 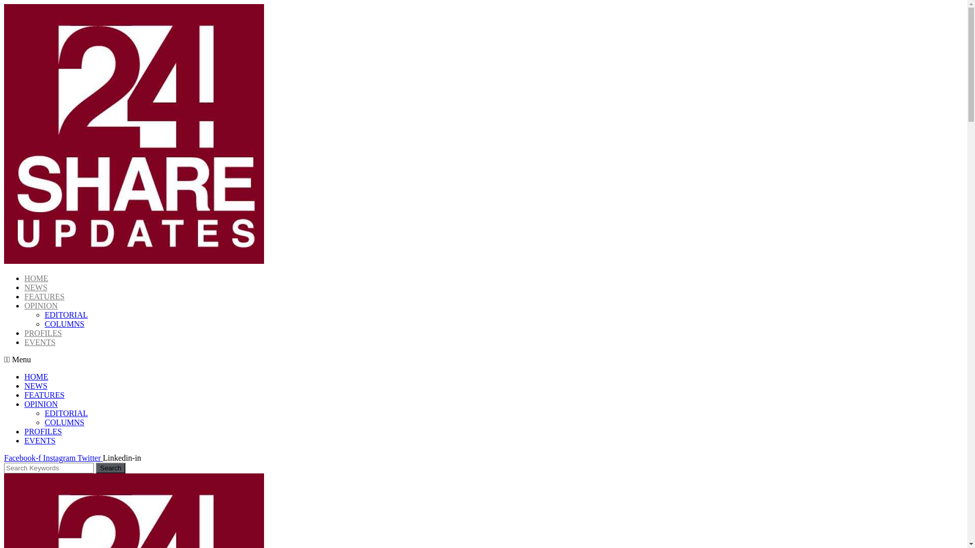 I want to click on 'COLUMNS', so click(x=44, y=422).